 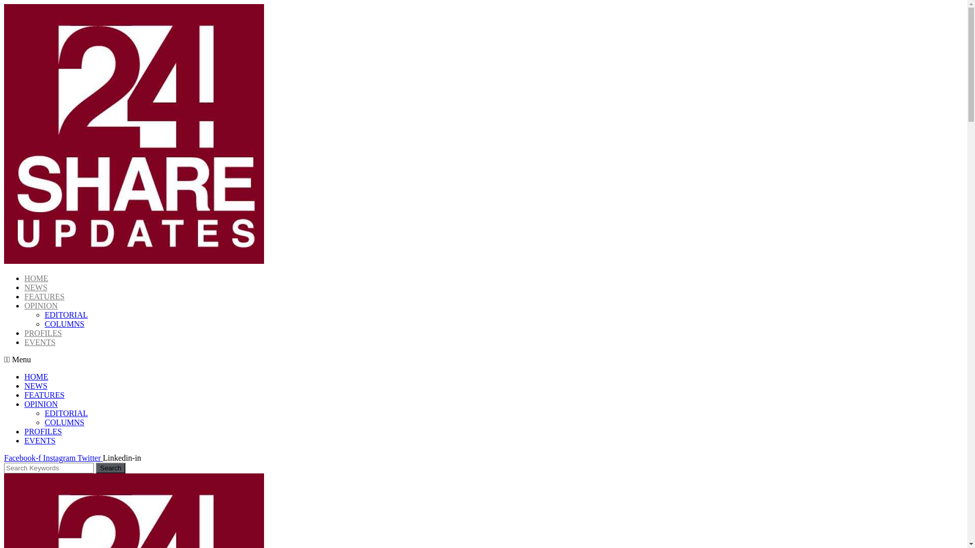 I want to click on 'COLUMNS', so click(x=44, y=422).